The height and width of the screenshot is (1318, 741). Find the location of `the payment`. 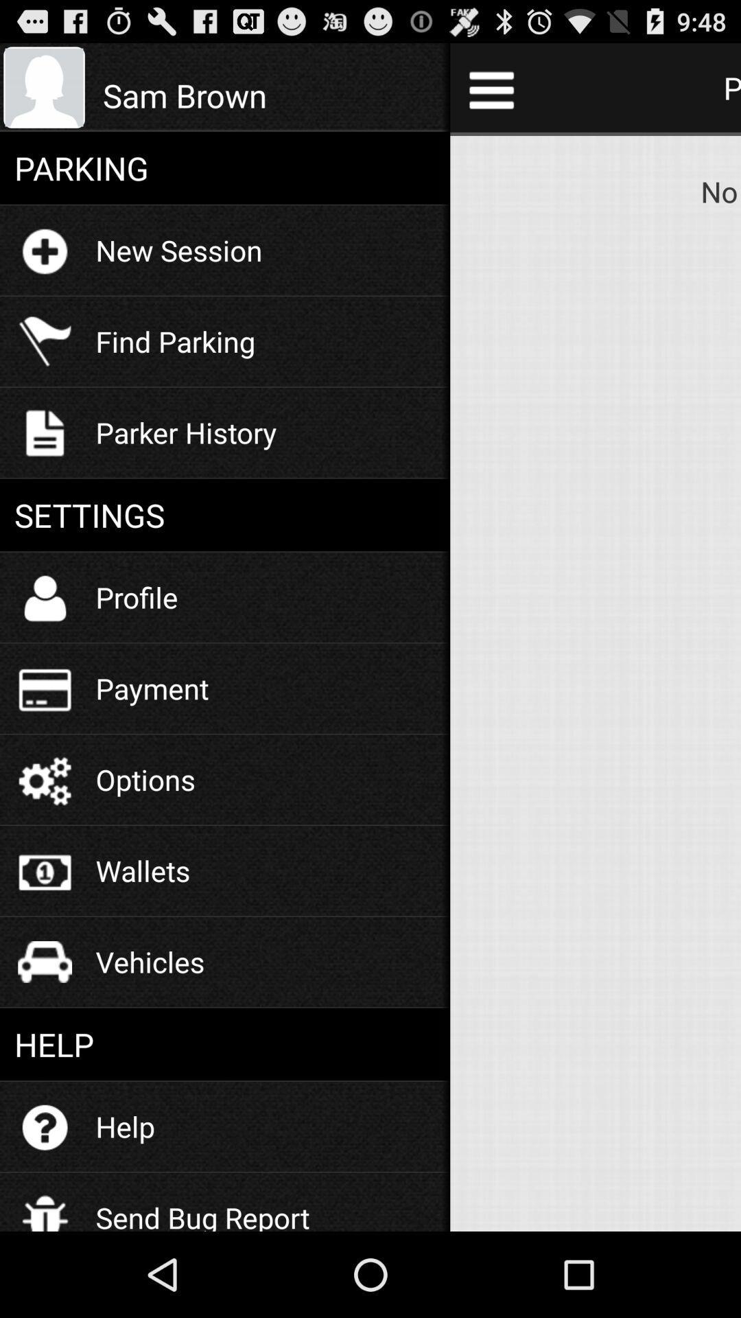

the payment is located at coordinates (152, 688).